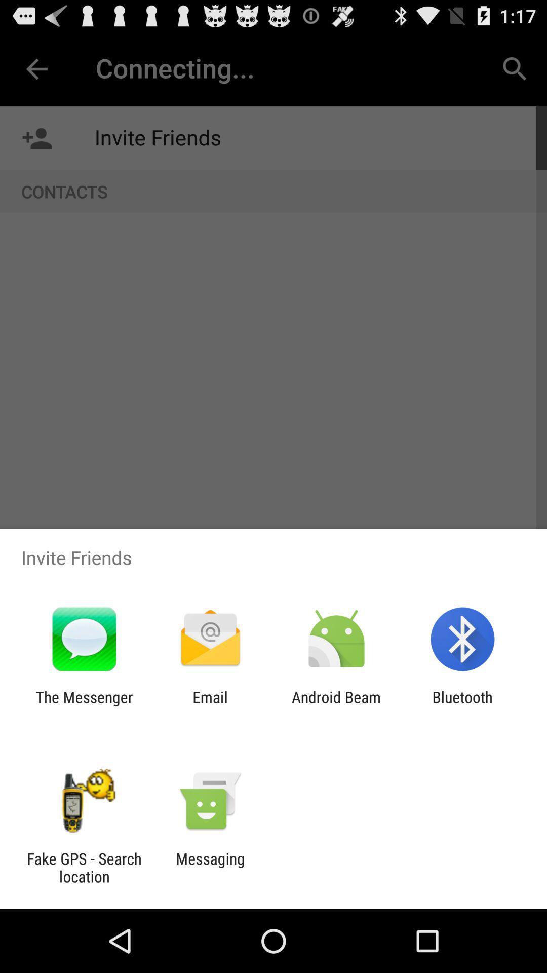 The width and height of the screenshot is (547, 973). Describe the element at coordinates (462, 705) in the screenshot. I see `bluetooth item` at that location.